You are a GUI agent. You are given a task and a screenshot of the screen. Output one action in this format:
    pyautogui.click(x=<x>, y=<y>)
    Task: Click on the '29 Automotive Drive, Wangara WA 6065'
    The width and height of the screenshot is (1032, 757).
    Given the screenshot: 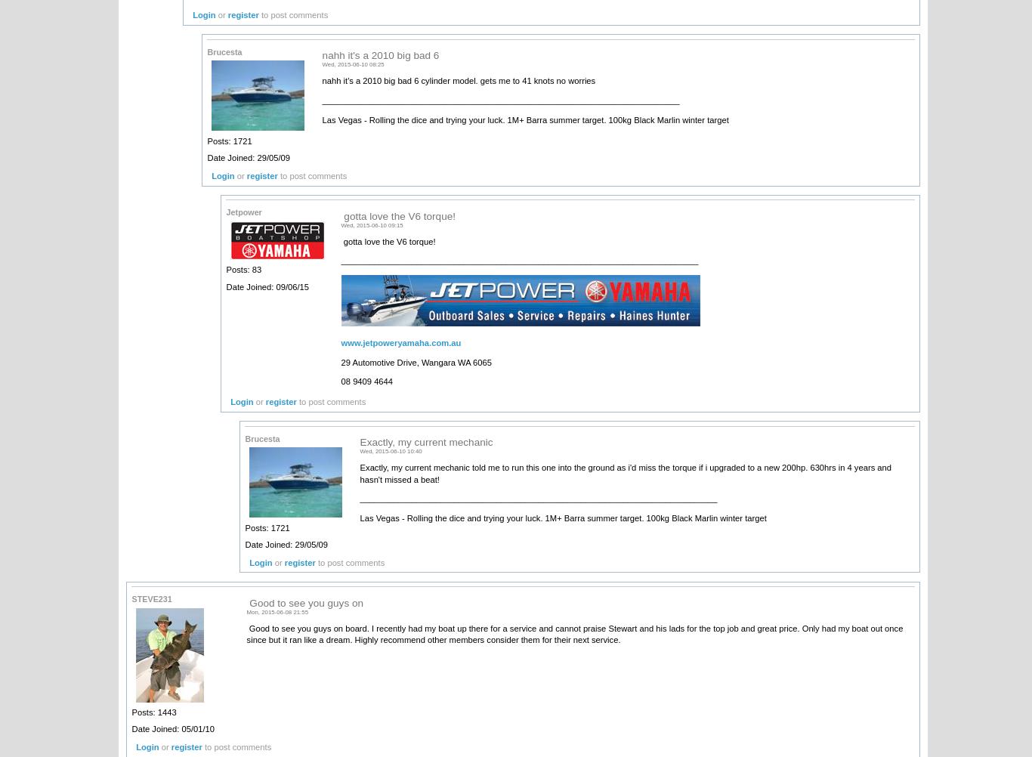 What is the action you would take?
    pyautogui.click(x=416, y=360)
    